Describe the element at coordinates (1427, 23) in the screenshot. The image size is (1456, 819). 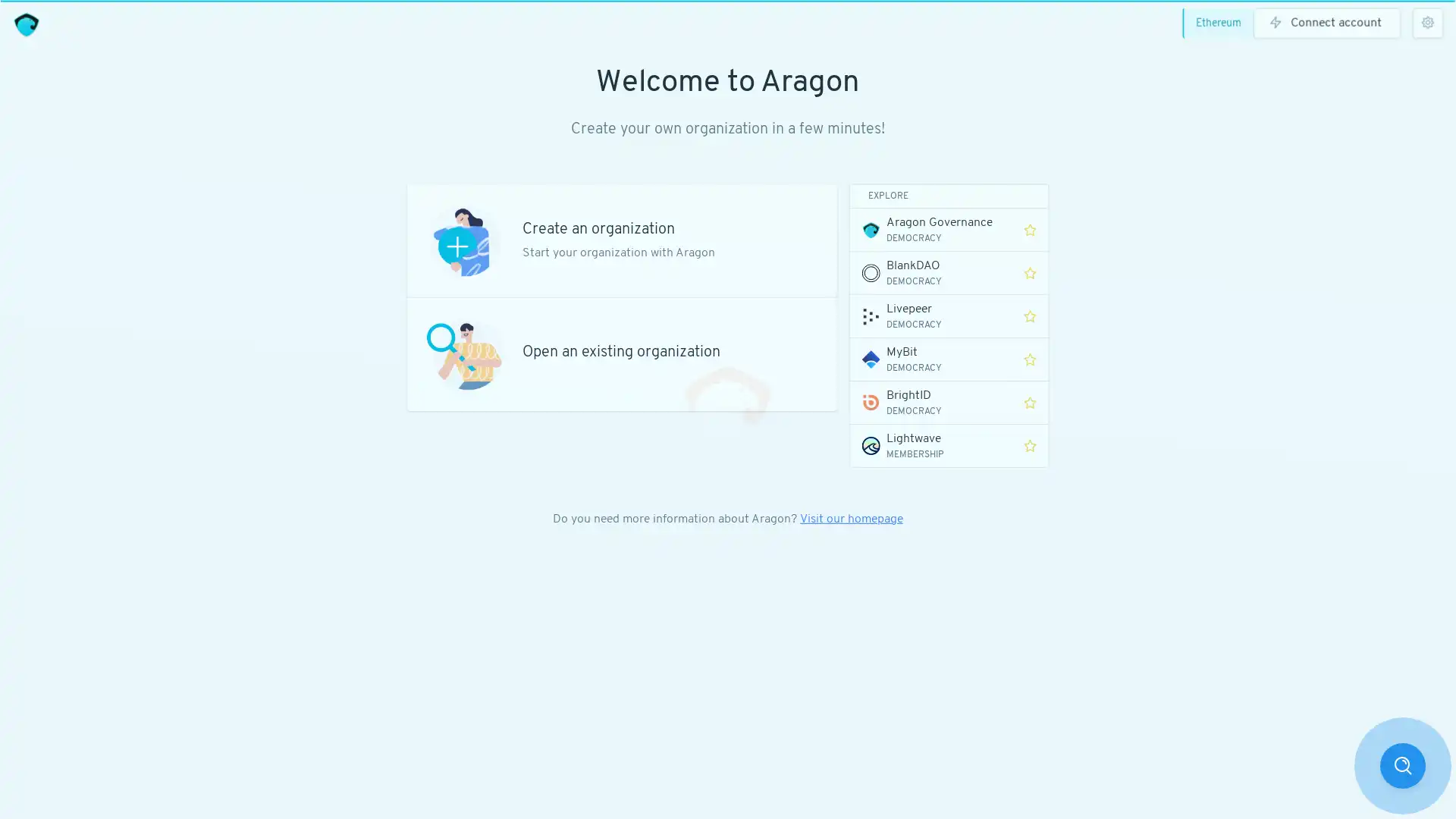
I see `Settings` at that location.